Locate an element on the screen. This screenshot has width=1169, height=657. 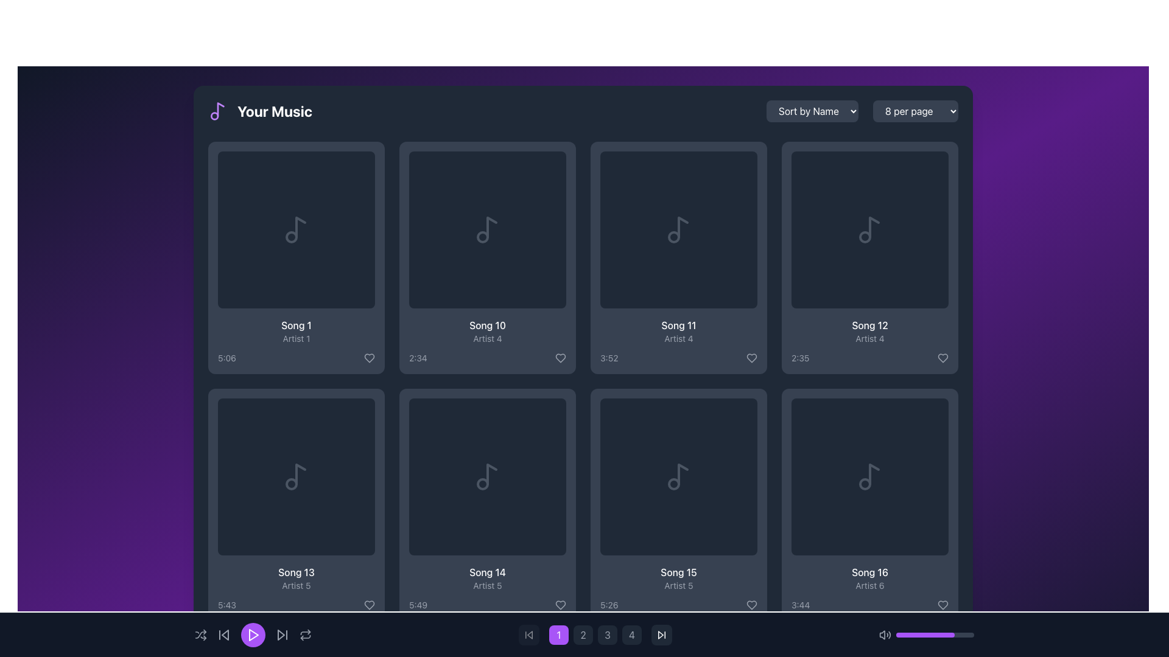
the play icon inside the purple circular button for 'Song 10' to make it visible is located at coordinates (488, 230).